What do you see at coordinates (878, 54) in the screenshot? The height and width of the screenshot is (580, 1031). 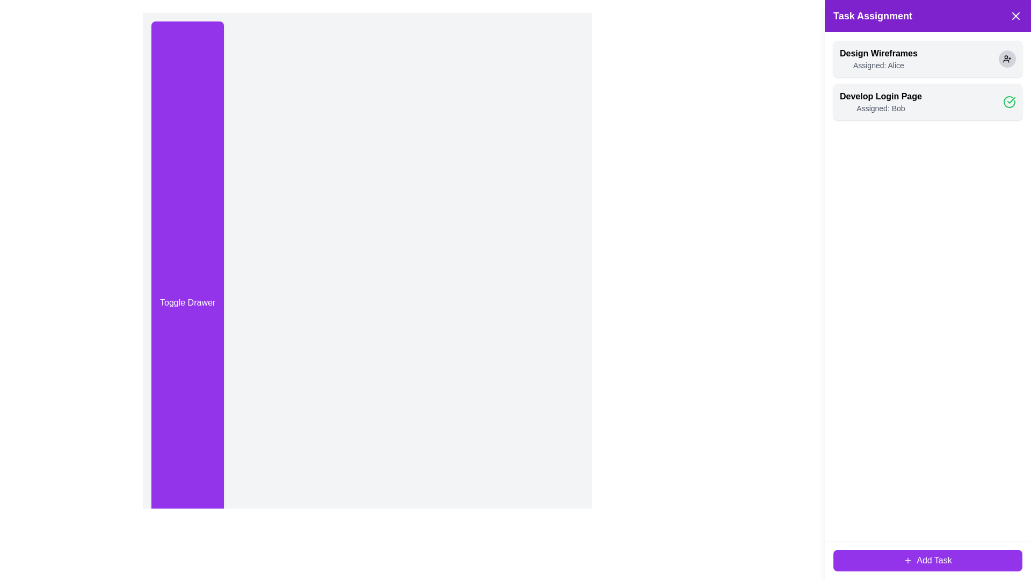 I see `the Text label that serves as the title of a task item in the 'Task Assignment' panel, located at the top of the task list interface` at bounding box center [878, 54].